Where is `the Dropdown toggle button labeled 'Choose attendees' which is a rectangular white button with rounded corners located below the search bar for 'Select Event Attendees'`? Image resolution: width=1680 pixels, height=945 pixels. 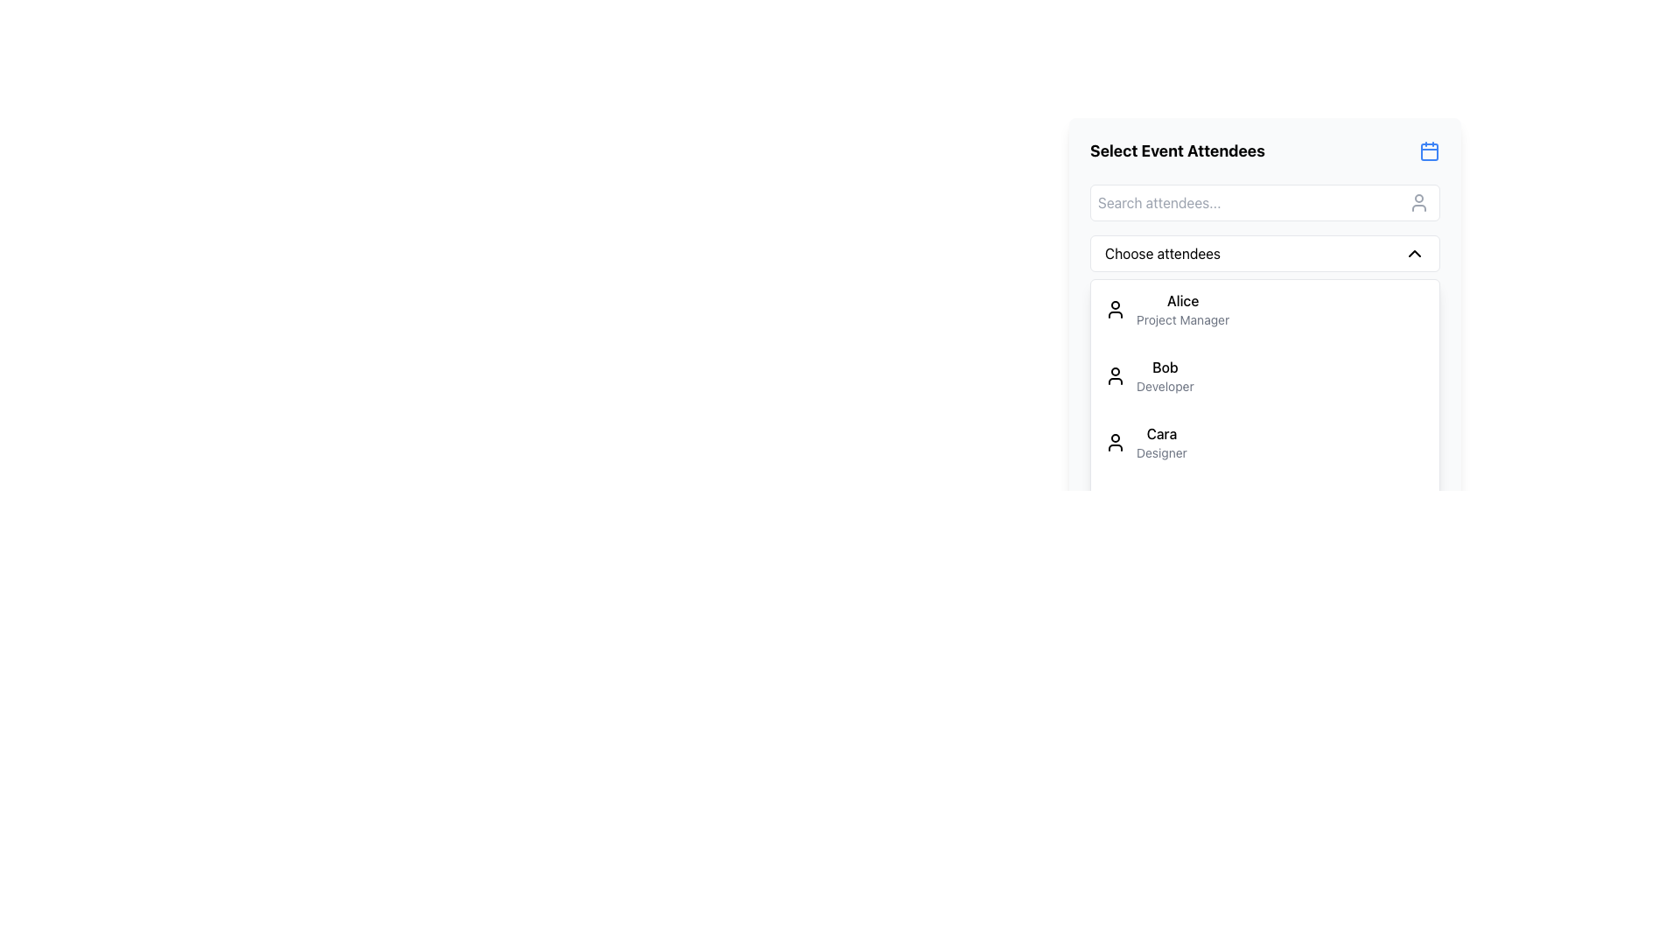
the Dropdown toggle button labeled 'Choose attendees' which is a rectangular white button with rounded corners located below the search bar for 'Select Event Attendees' is located at coordinates (1264, 253).